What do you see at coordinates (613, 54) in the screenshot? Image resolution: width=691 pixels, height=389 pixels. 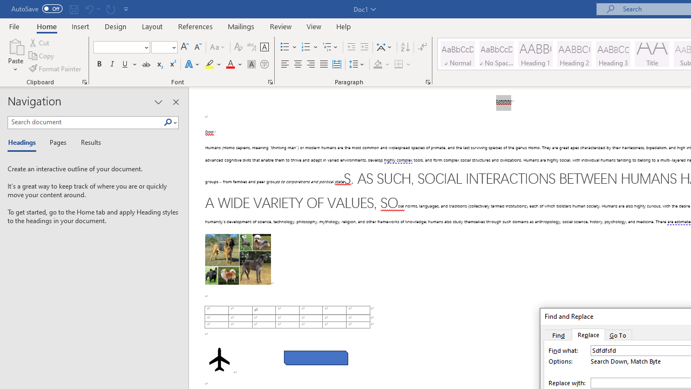 I see `'Heading 3'` at bounding box center [613, 54].